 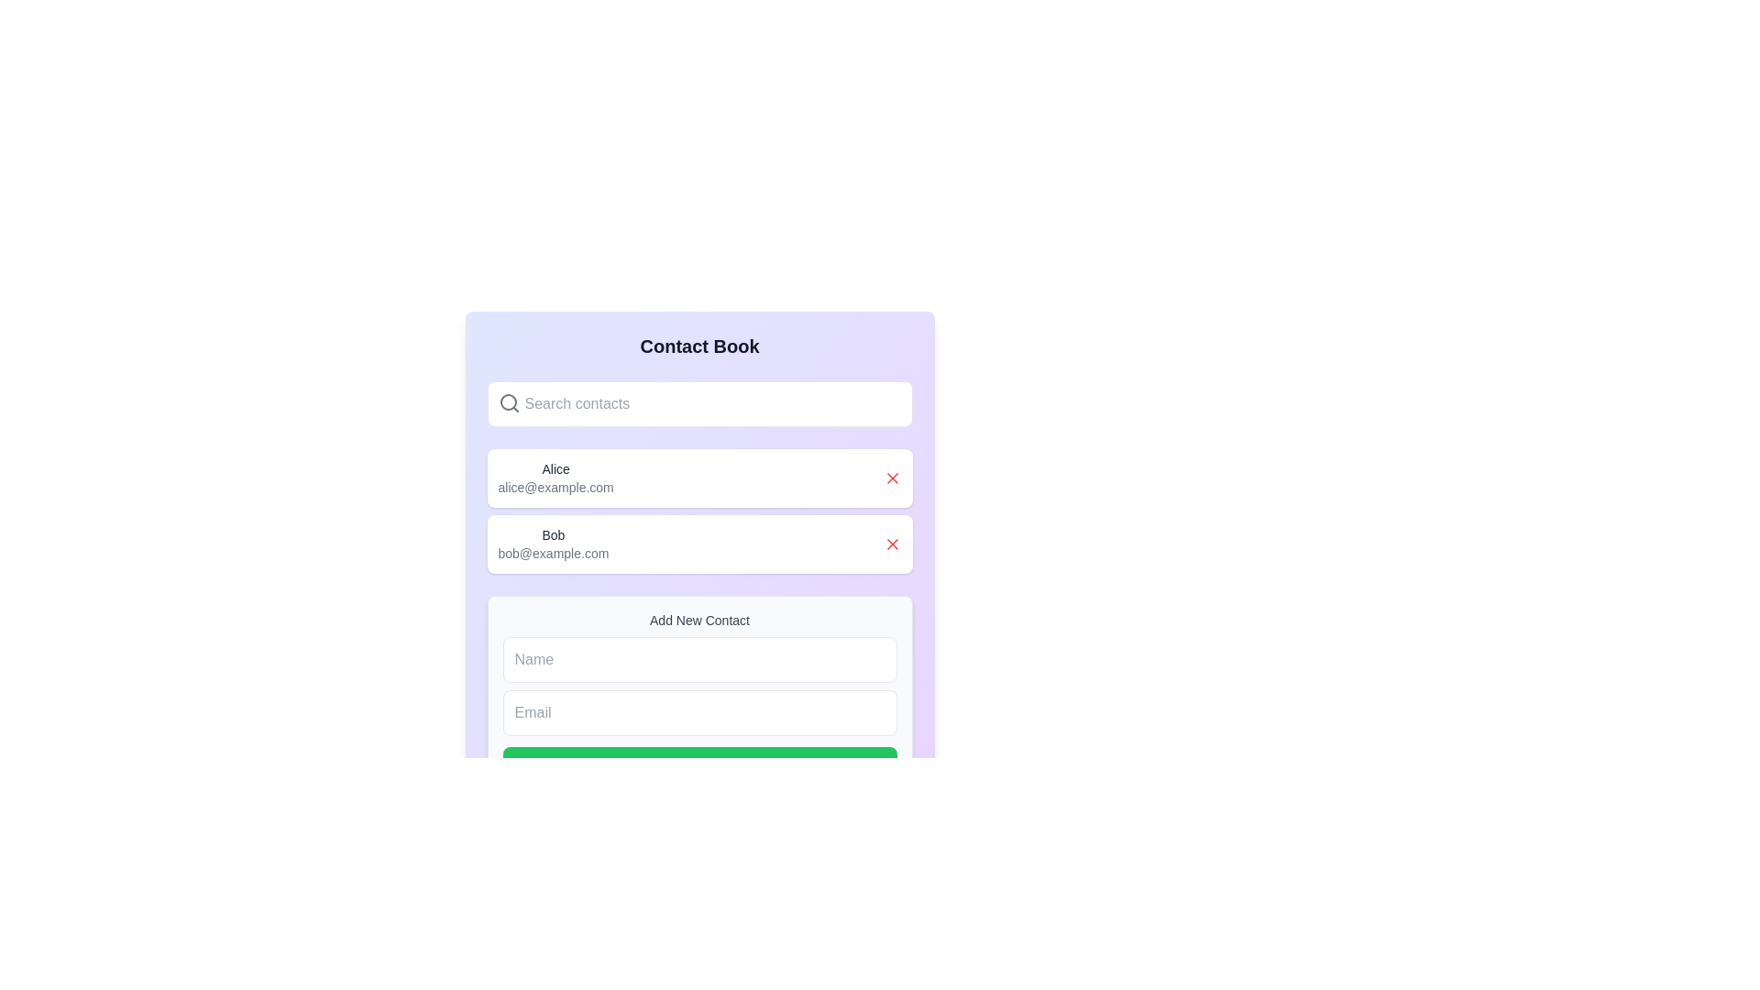 What do you see at coordinates (698, 477) in the screenshot?
I see `the first contact card in the contact book, which displays the name and email of the contact, located below the search bar` at bounding box center [698, 477].